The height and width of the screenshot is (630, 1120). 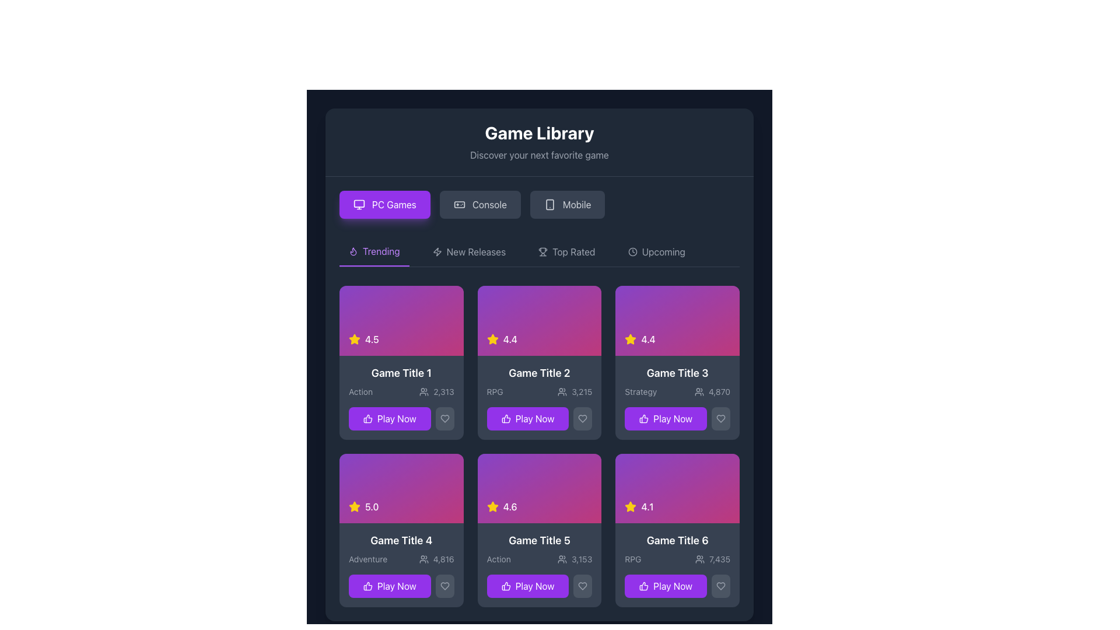 What do you see at coordinates (719, 391) in the screenshot?
I see `the text label displaying the number '4,870' in medium gray font, located at the bottom of the card labeled 'Game Title 3' in the third column of the game grid` at bounding box center [719, 391].